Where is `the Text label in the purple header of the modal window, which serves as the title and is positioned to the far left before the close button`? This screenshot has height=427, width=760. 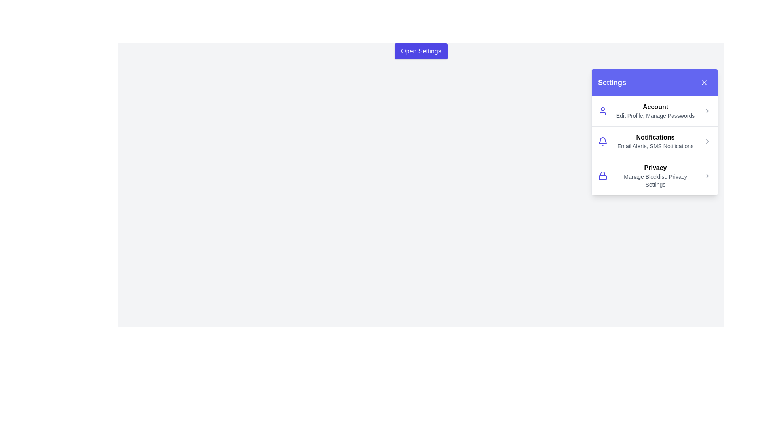 the Text label in the purple header of the modal window, which serves as the title and is positioned to the far left before the close button is located at coordinates (612, 82).